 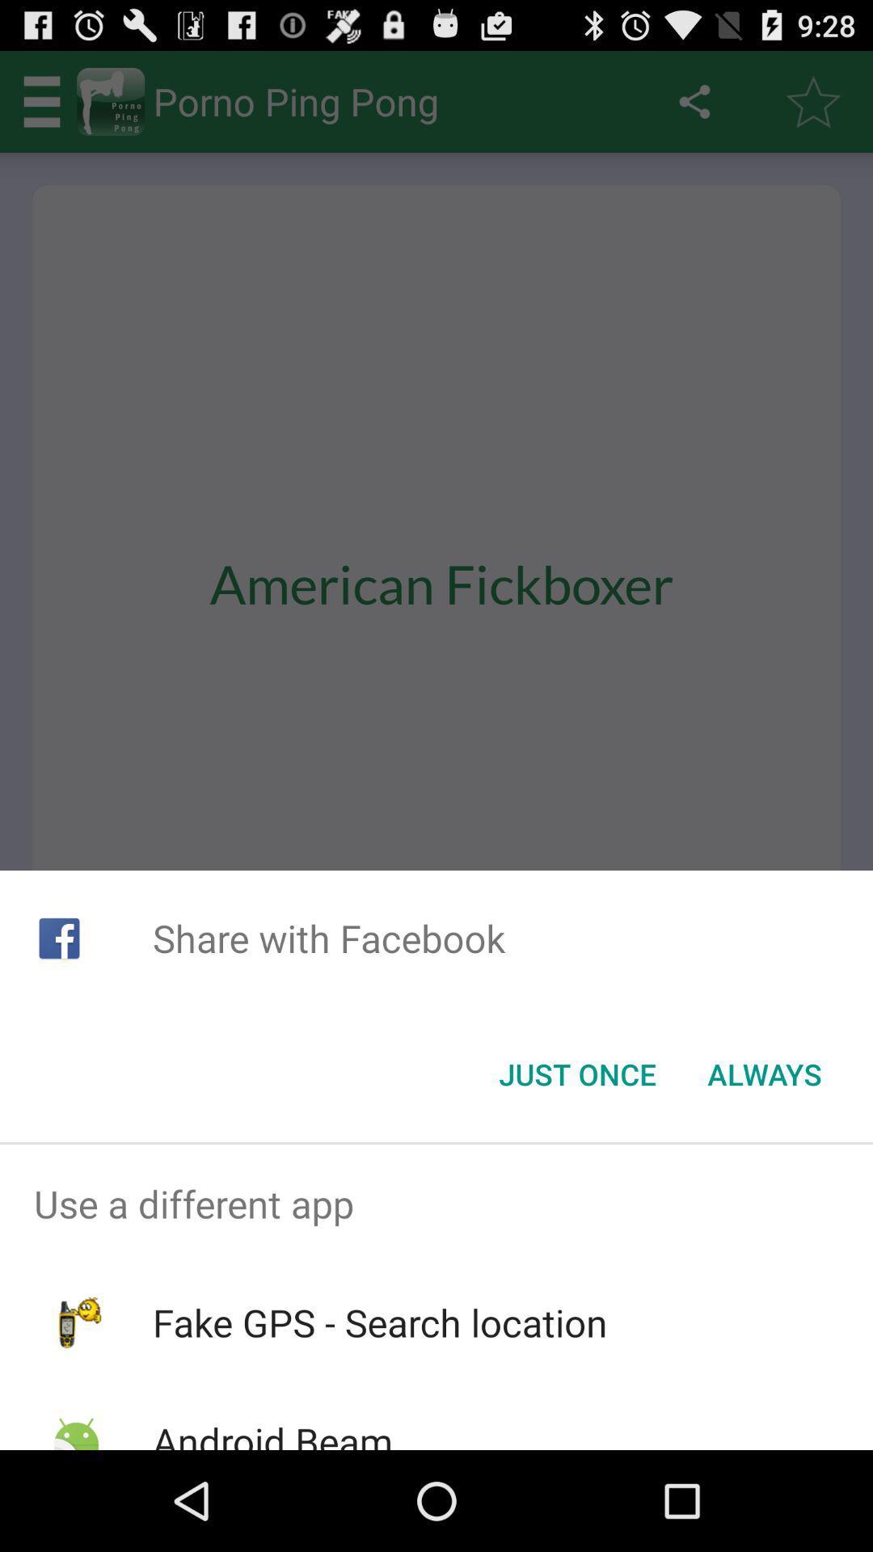 What do you see at coordinates (576, 1074) in the screenshot?
I see `just once item` at bounding box center [576, 1074].